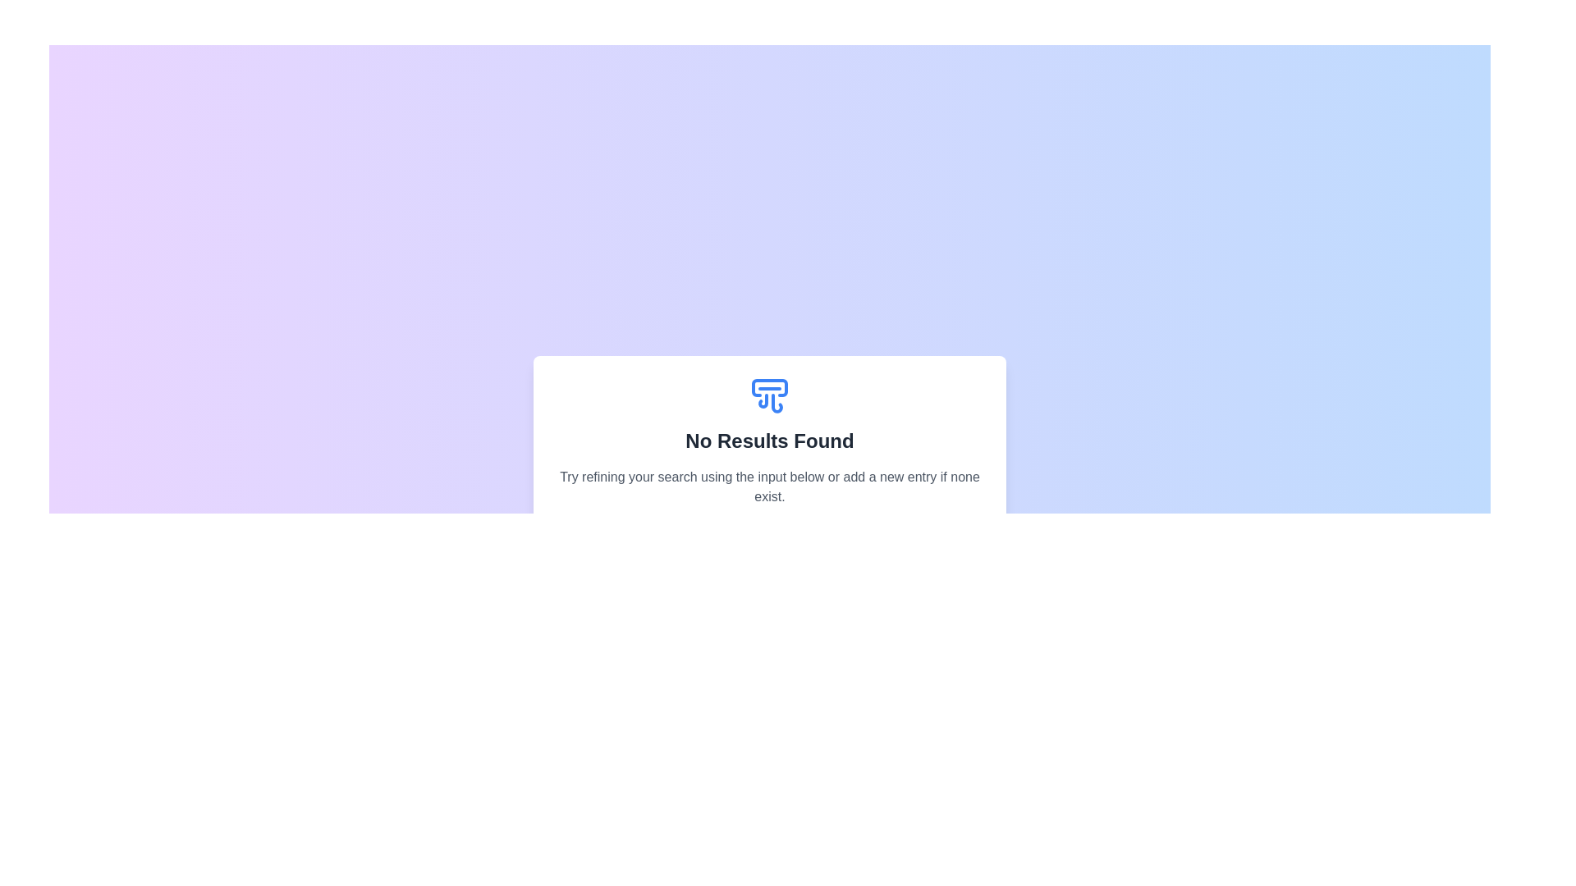 This screenshot has height=886, width=1576. I want to click on the icon that indicates an empty or no results state, located at the center-top of a card with the headline 'No Results Found', so click(768, 395).